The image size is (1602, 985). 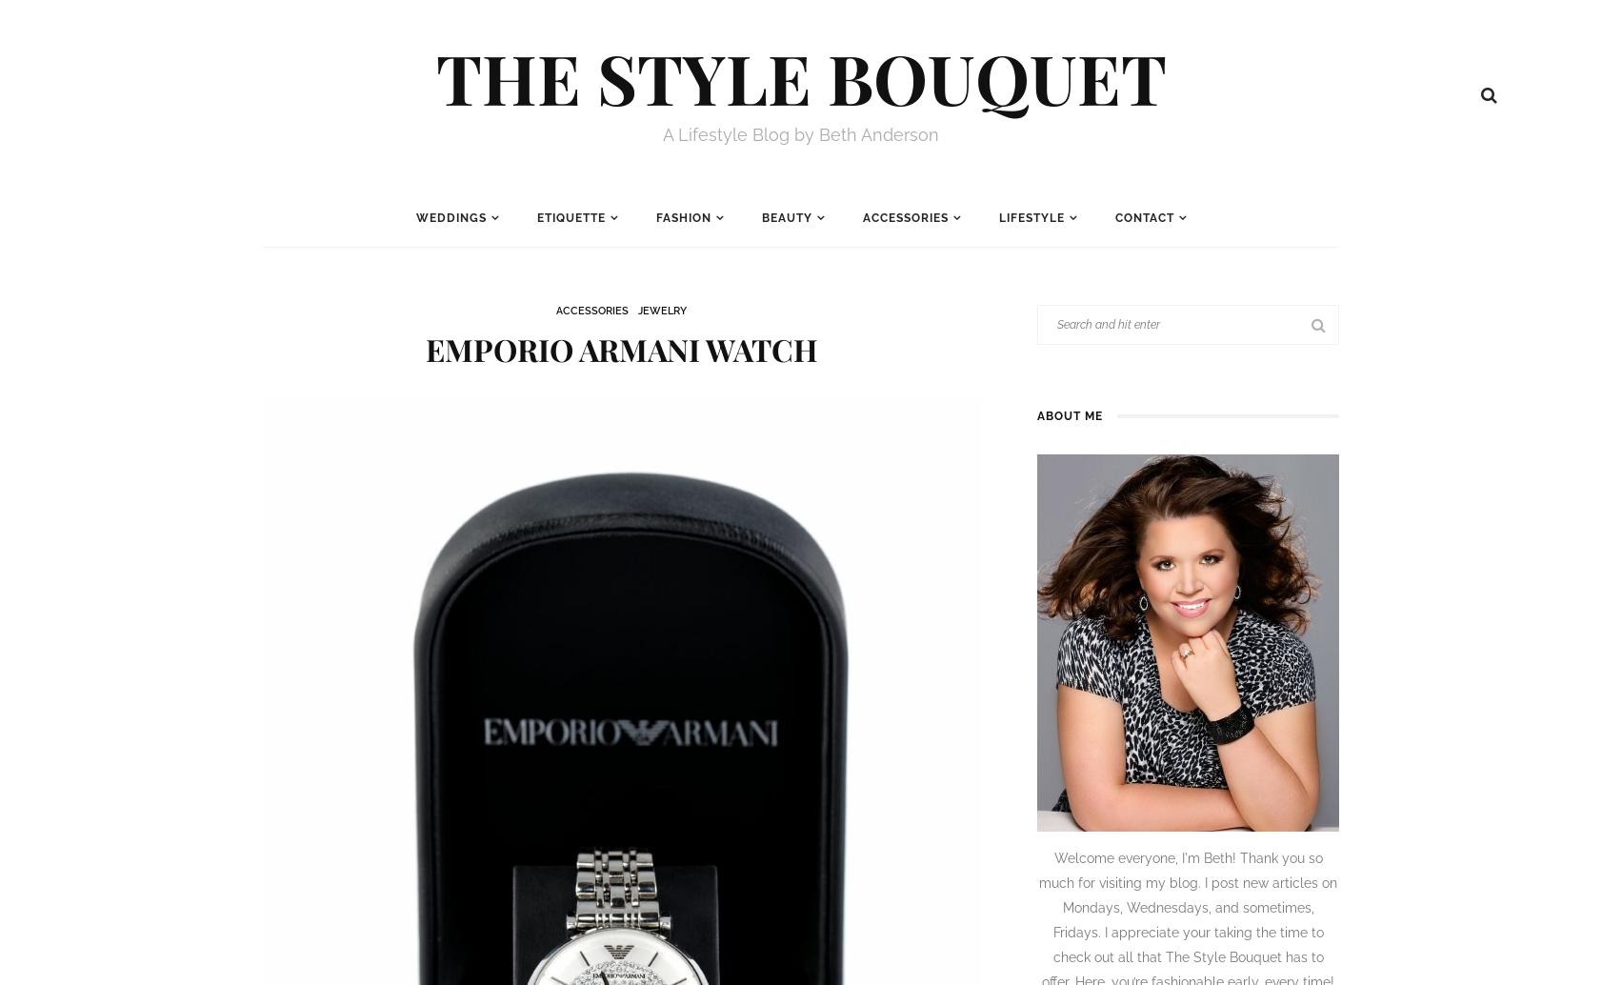 What do you see at coordinates (792, 308) in the screenshot?
I see `'Makeup'` at bounding box center [792, 308].